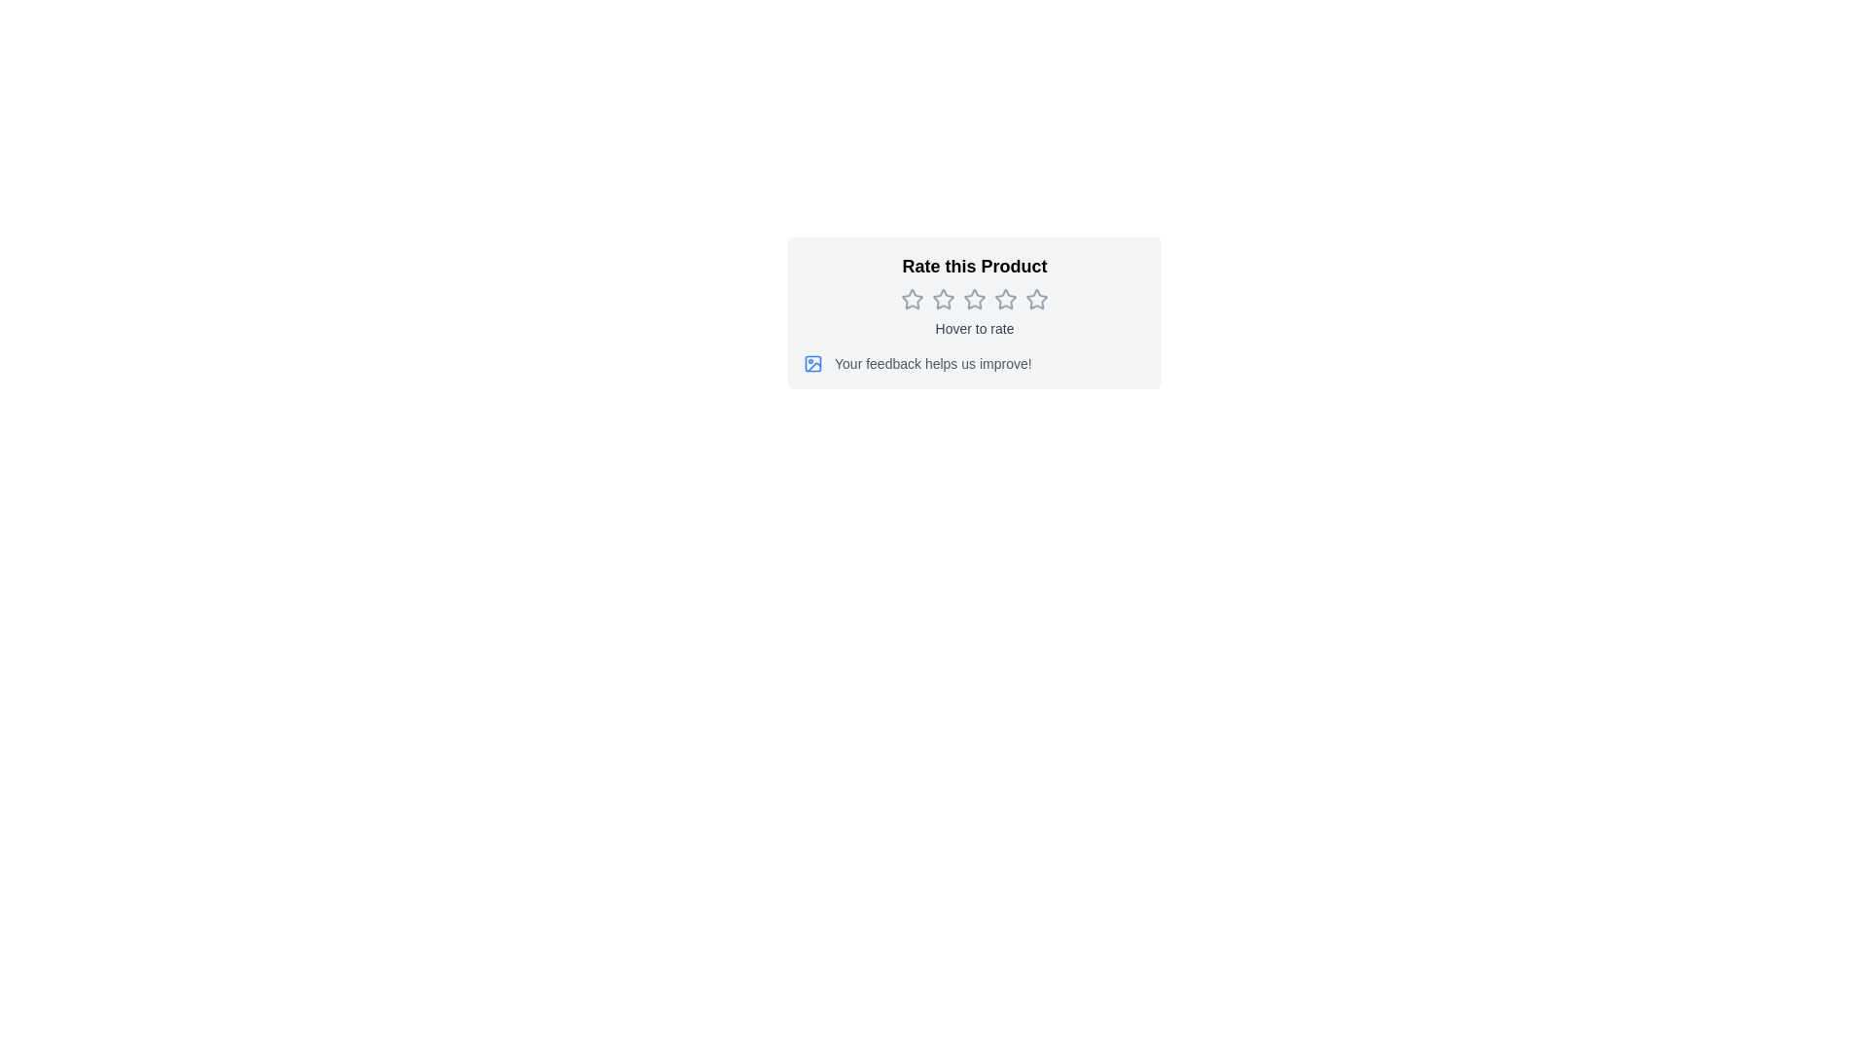  Describe the element at coordinates (975, 266) in the screenshot. I see `the 'Rate this Product' label, which is a bold text component positioned at the top of a light-gray background panel` at that location.